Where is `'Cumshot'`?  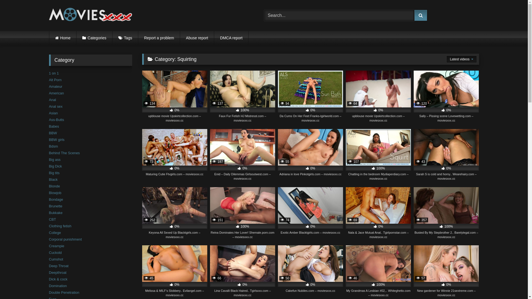 'Cumshot' is located at coordinates (56, 259).